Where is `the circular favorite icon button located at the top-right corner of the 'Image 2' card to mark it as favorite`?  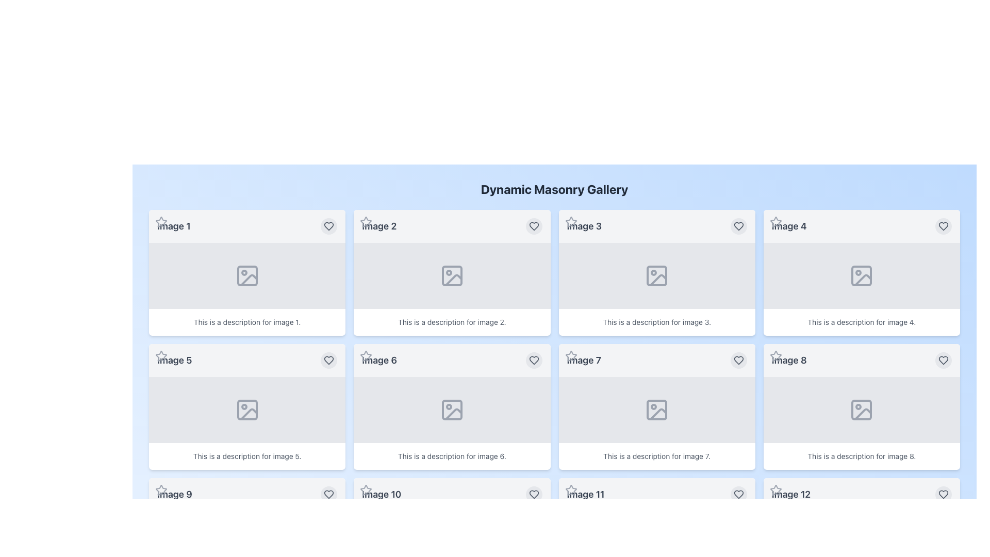 the circular favorite icon button located at the top-right corner of the 'Image 2' card to mark it as favorite is located at coordinates (534, 226).